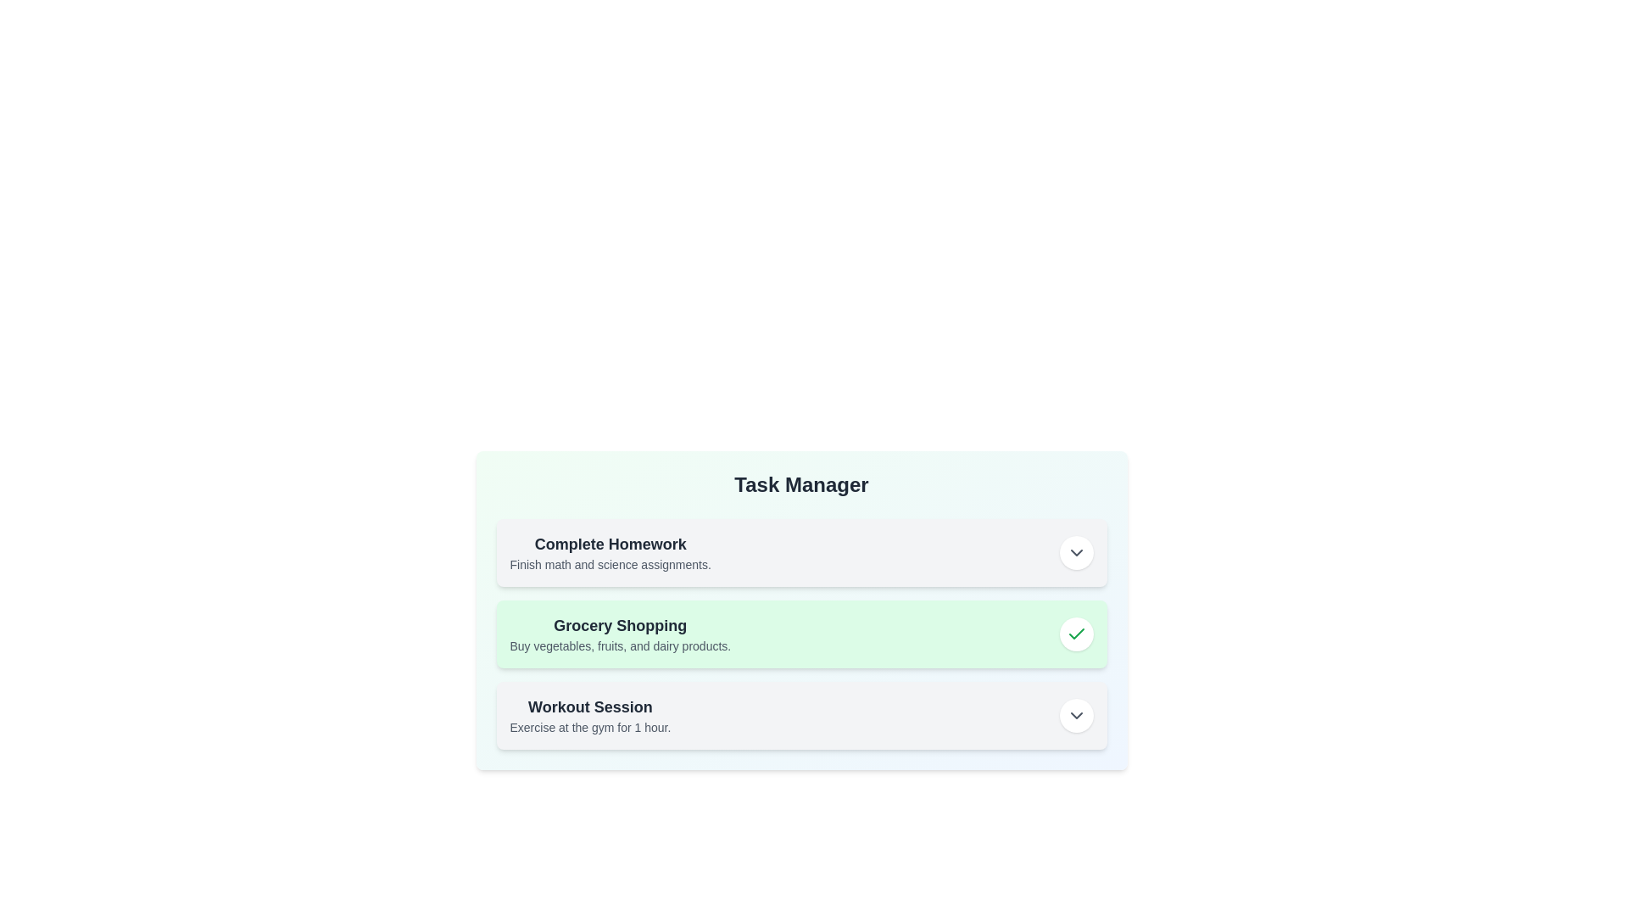 The width and height of the screenshot is (1628, 916). Describe the element at coordinates (800, 651) in the screenshot. I see `the background of the Task Manager component` at that location.